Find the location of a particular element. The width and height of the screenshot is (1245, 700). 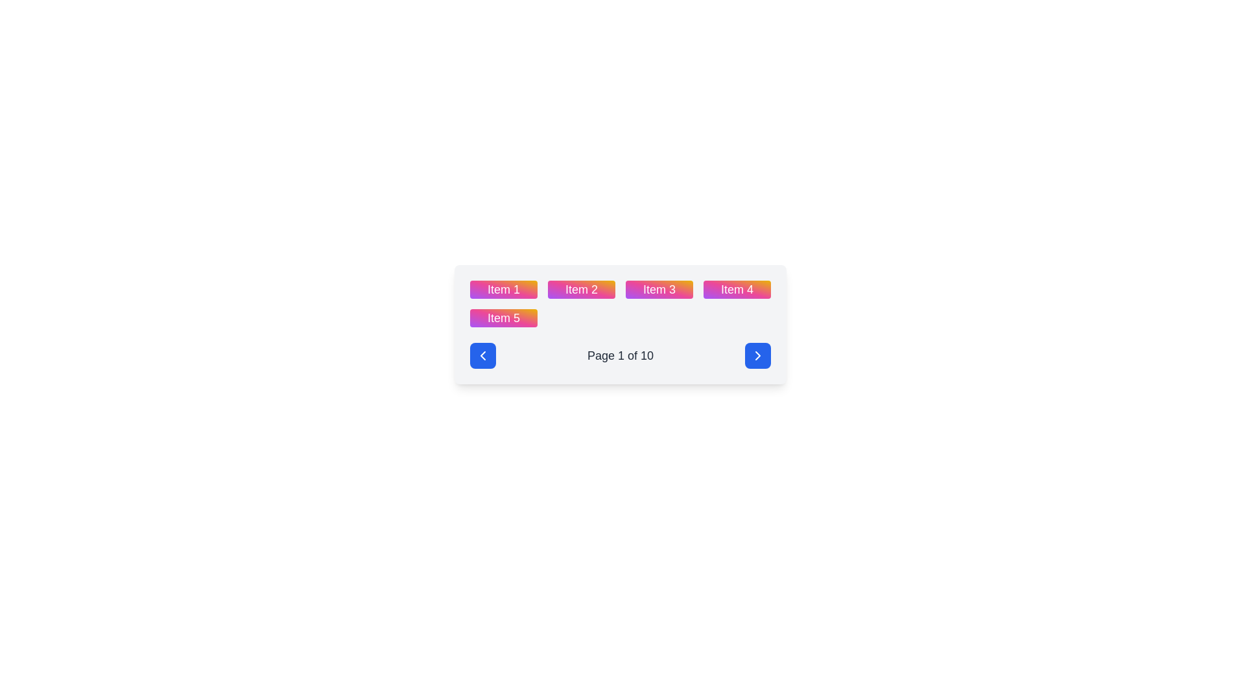

the blue square button with rounded corners and a white left-facing chevron icon to go to the previous page is located at coordinates (482, 355).